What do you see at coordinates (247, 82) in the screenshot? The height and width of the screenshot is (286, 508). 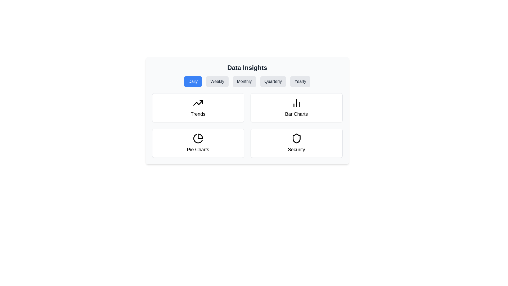 I see `the button in the Navigation bar` at bounding box center [247, 82].